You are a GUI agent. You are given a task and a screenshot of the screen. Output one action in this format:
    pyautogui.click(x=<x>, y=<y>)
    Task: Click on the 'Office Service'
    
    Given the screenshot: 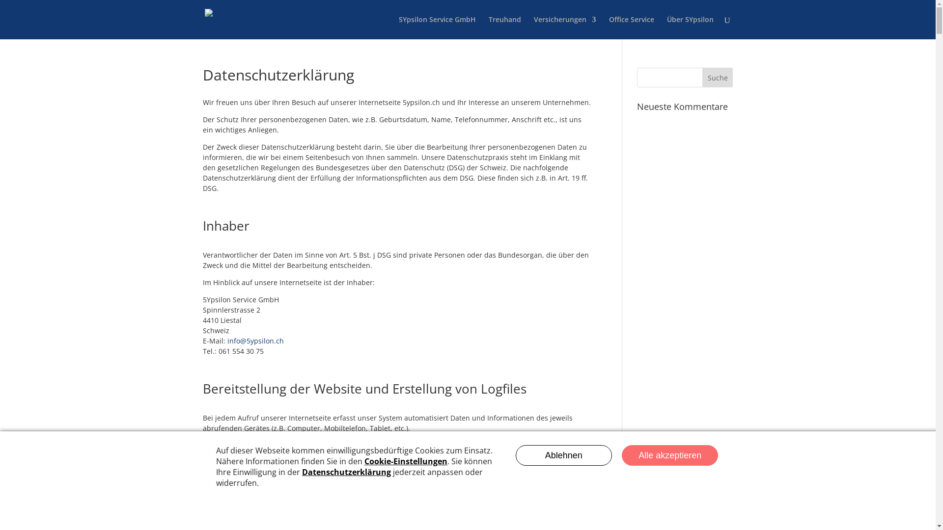 What is the action you would take?
    pyautogui.click(x=632, y=27)
    